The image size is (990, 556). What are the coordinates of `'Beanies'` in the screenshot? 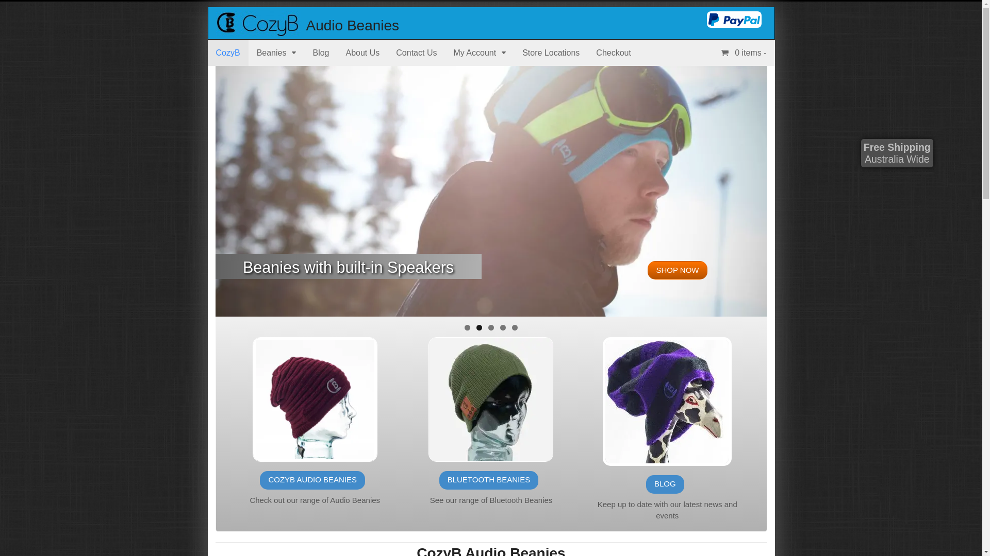 It's located at (248, 53).